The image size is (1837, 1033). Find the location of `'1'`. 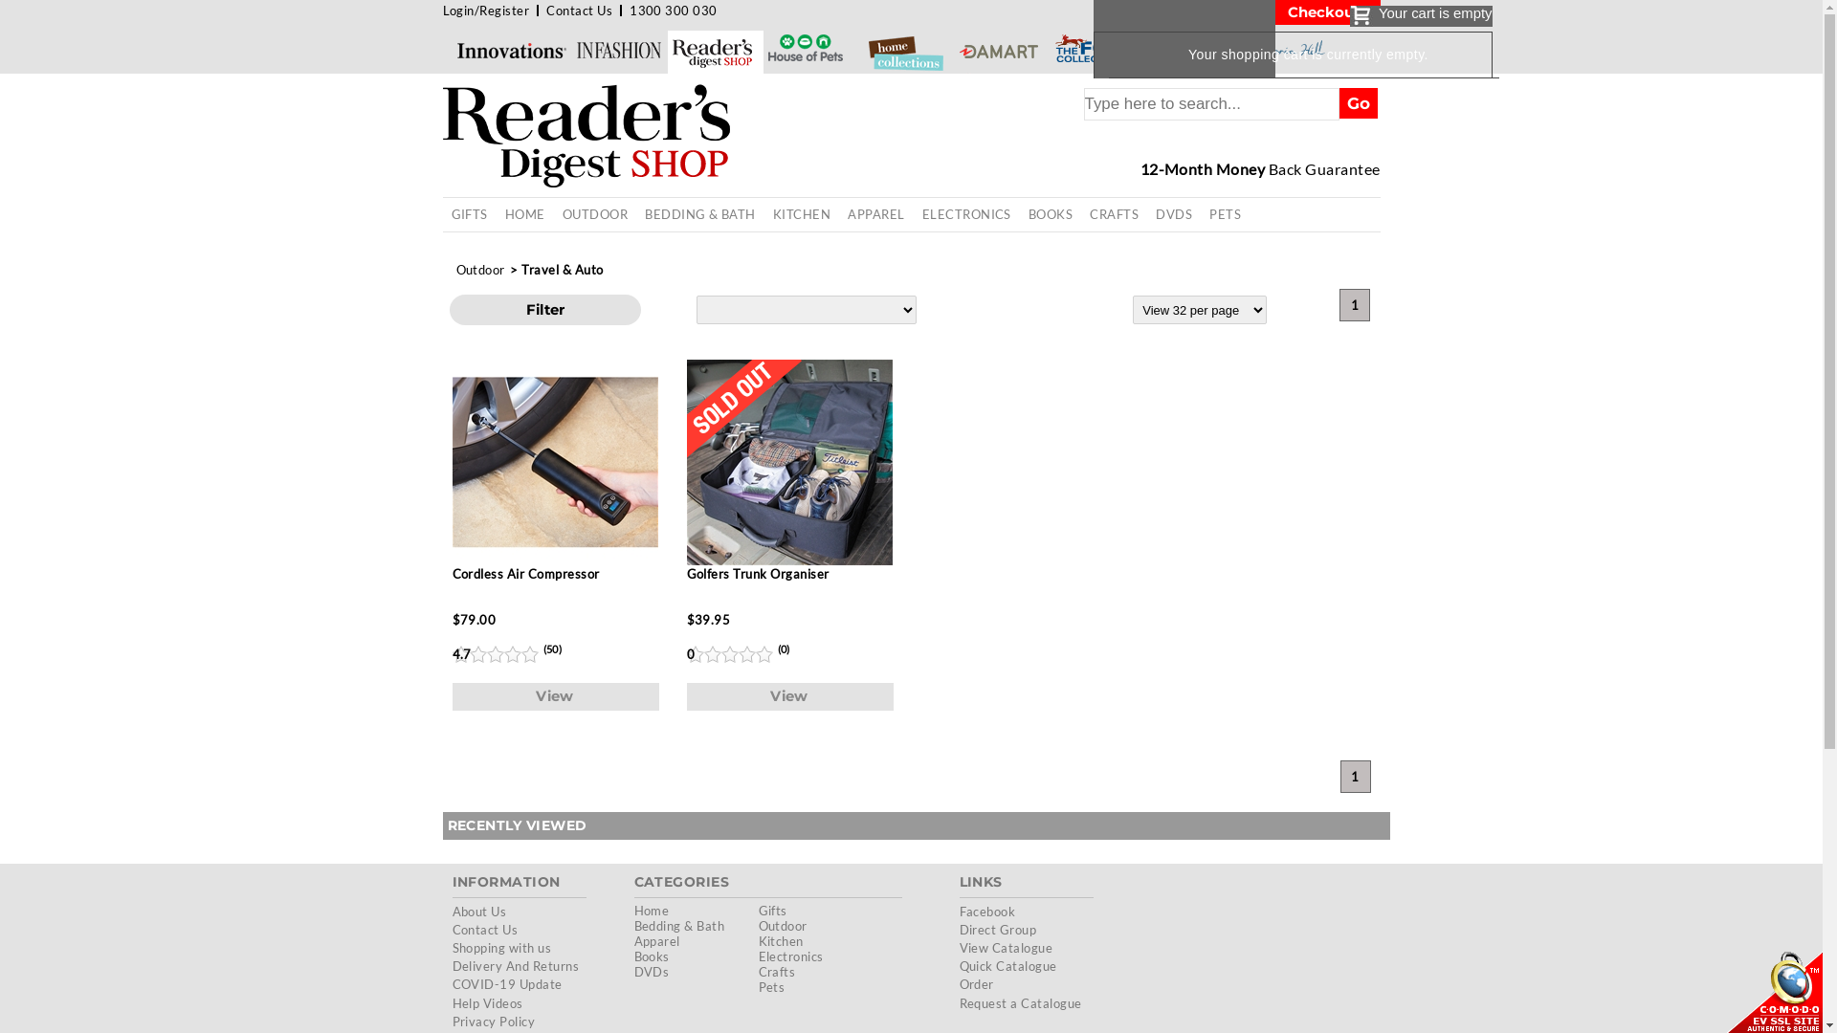

'1' is located at coordinates (1354, 304).